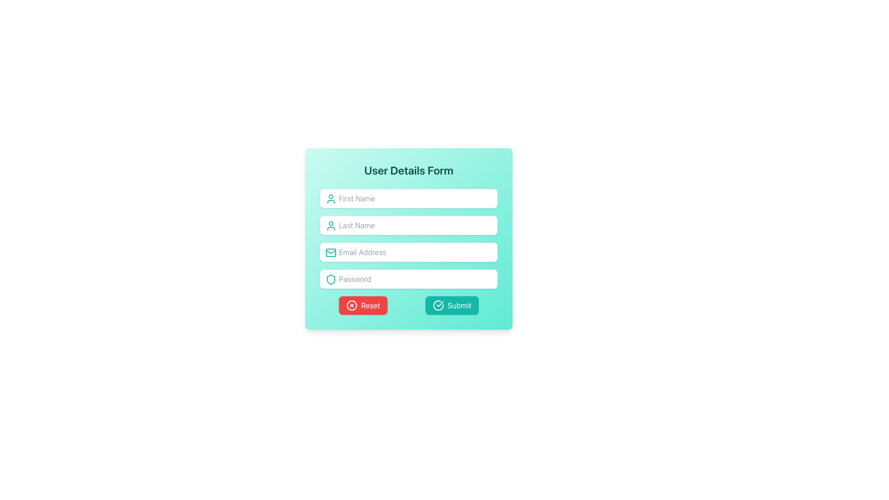 This screenshot has height=500, width=889. Describe the element at coordinates (438, 305) in the screenshot. I see `the Submit button which contains a circular visual styled as a part of a checkmark, located at the bottom right corner of the form` at that location.